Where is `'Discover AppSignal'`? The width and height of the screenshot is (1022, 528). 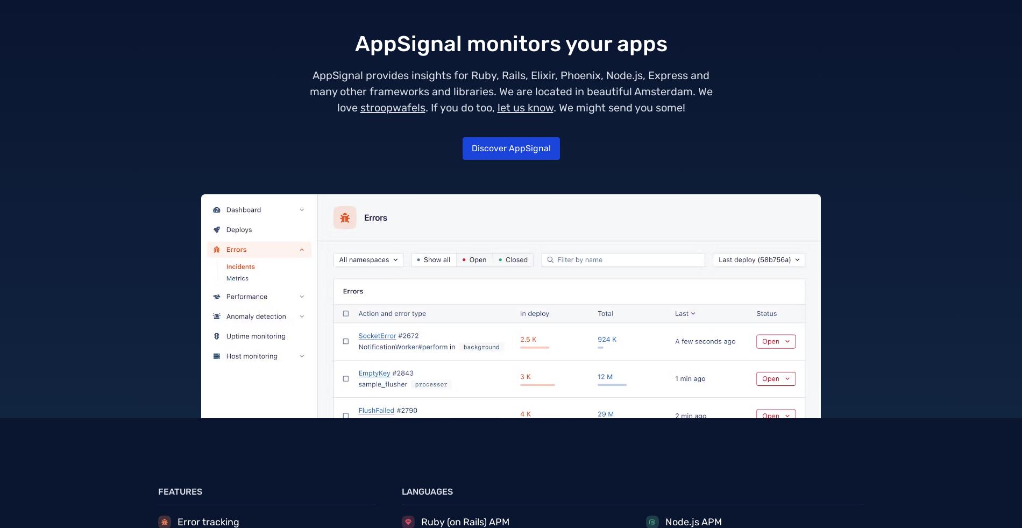
'Discover AppSignal' is located at coordinates (510, 147).